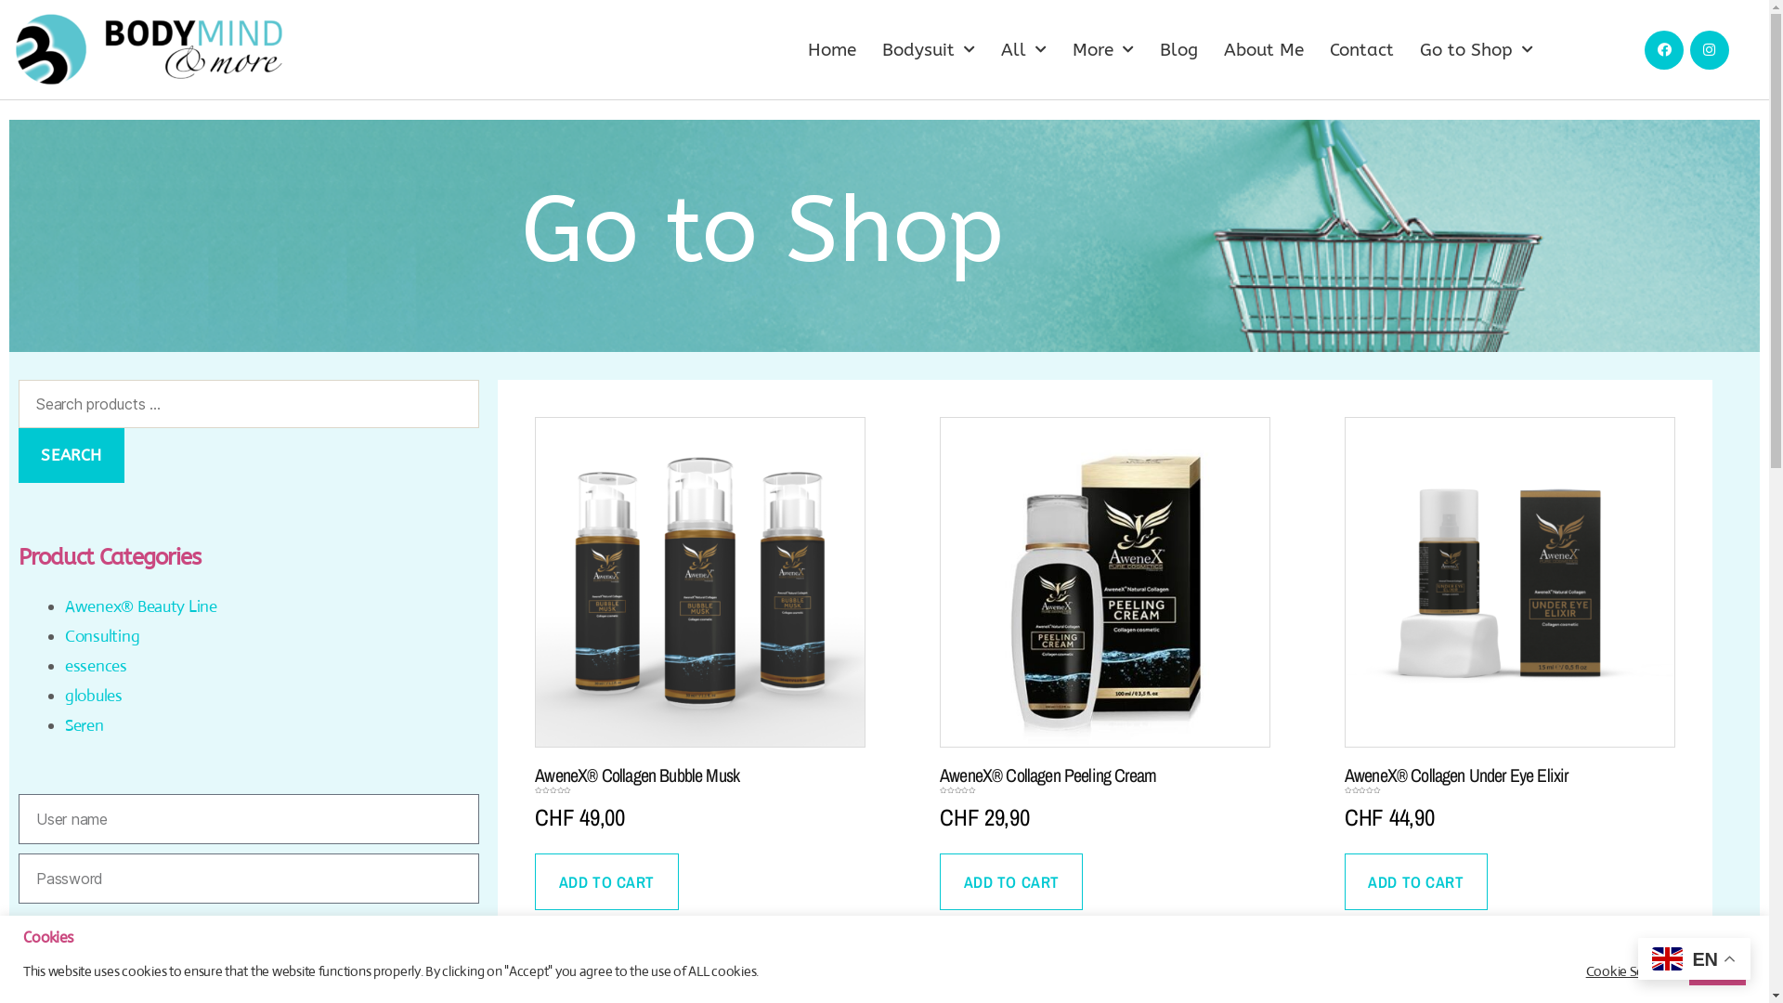 This screenshot has width=1783, height=1003. What do you see at coordinates (1475, 48) in the screenshot?
I see `'Go to Shop'` at bounding box center [1475, 48].